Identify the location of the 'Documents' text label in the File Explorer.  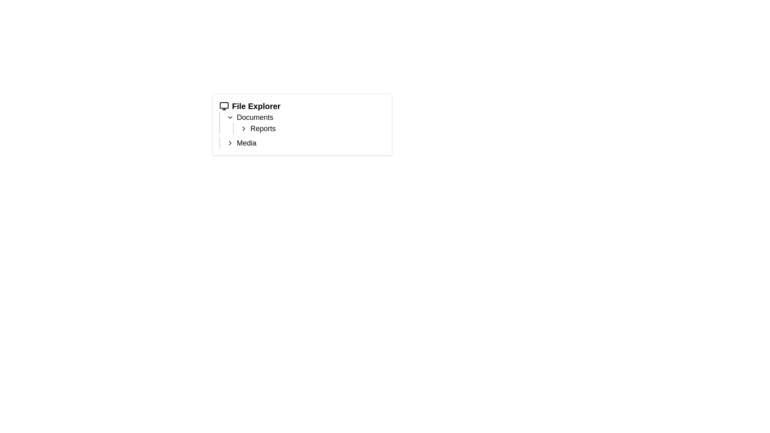
(255, 117).